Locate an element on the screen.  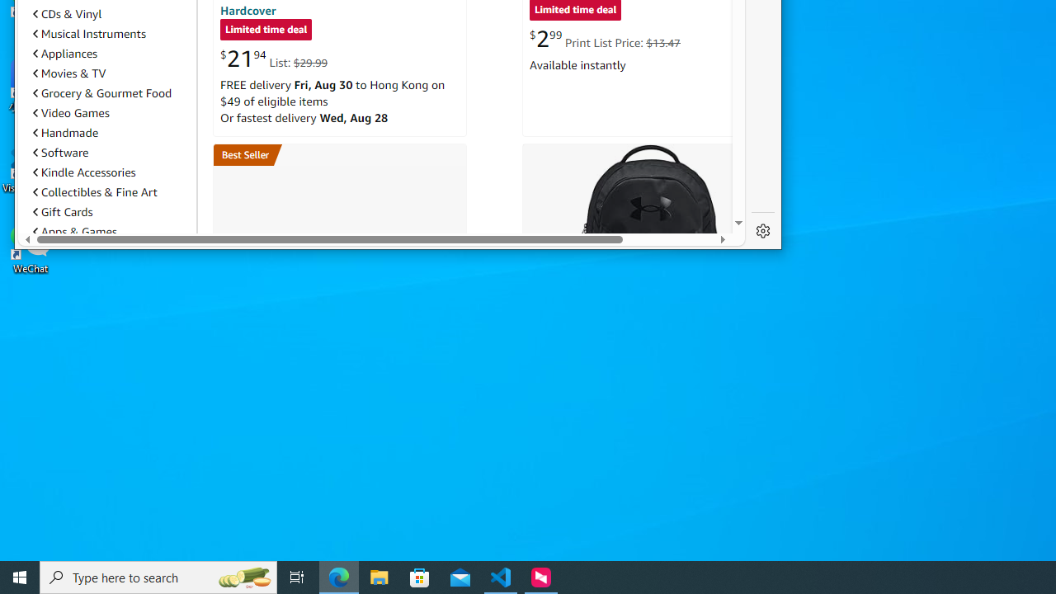
'Limited time deal' is located at coordinates (266, 31).